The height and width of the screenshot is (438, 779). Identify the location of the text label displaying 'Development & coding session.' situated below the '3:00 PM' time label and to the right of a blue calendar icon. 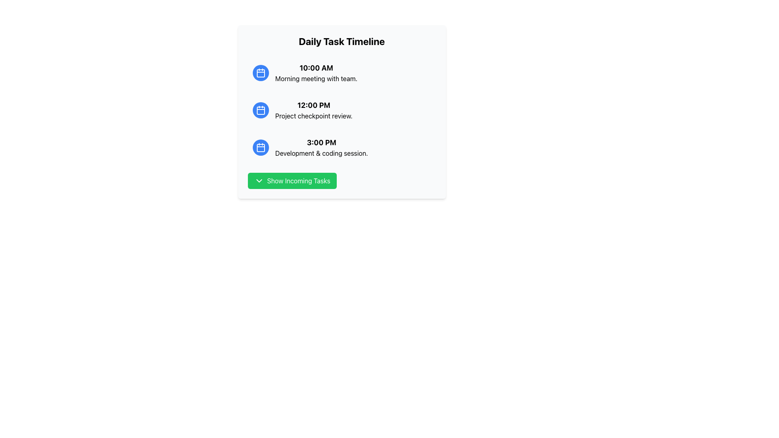
(321, 153).